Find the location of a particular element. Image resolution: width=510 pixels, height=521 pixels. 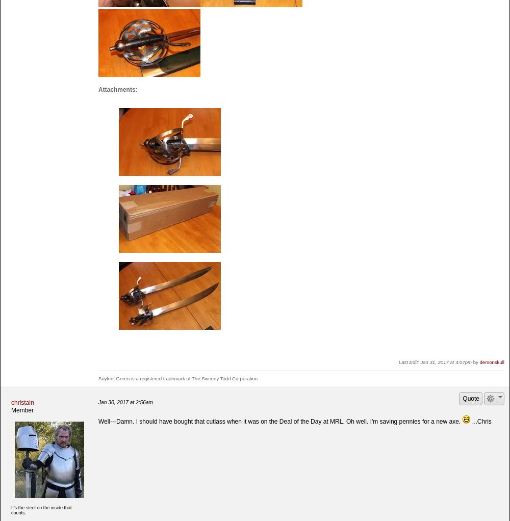

'Last Edit:' is located at coordinates (409, 362).